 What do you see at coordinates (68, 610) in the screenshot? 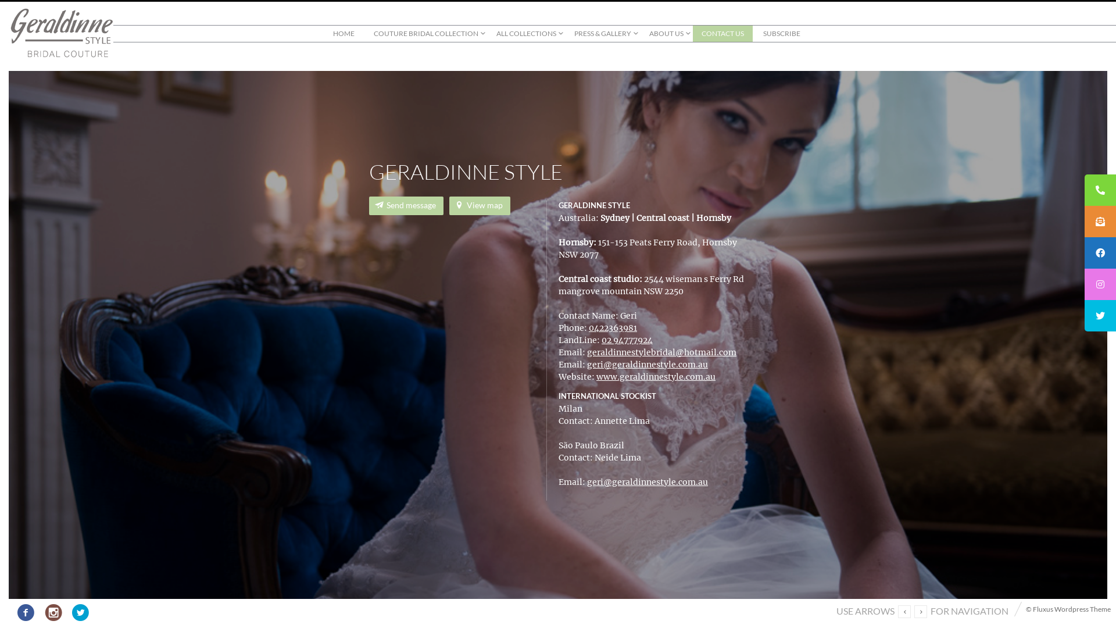
I see `'Connect on Twitter'` at bounding box center [68, 610].